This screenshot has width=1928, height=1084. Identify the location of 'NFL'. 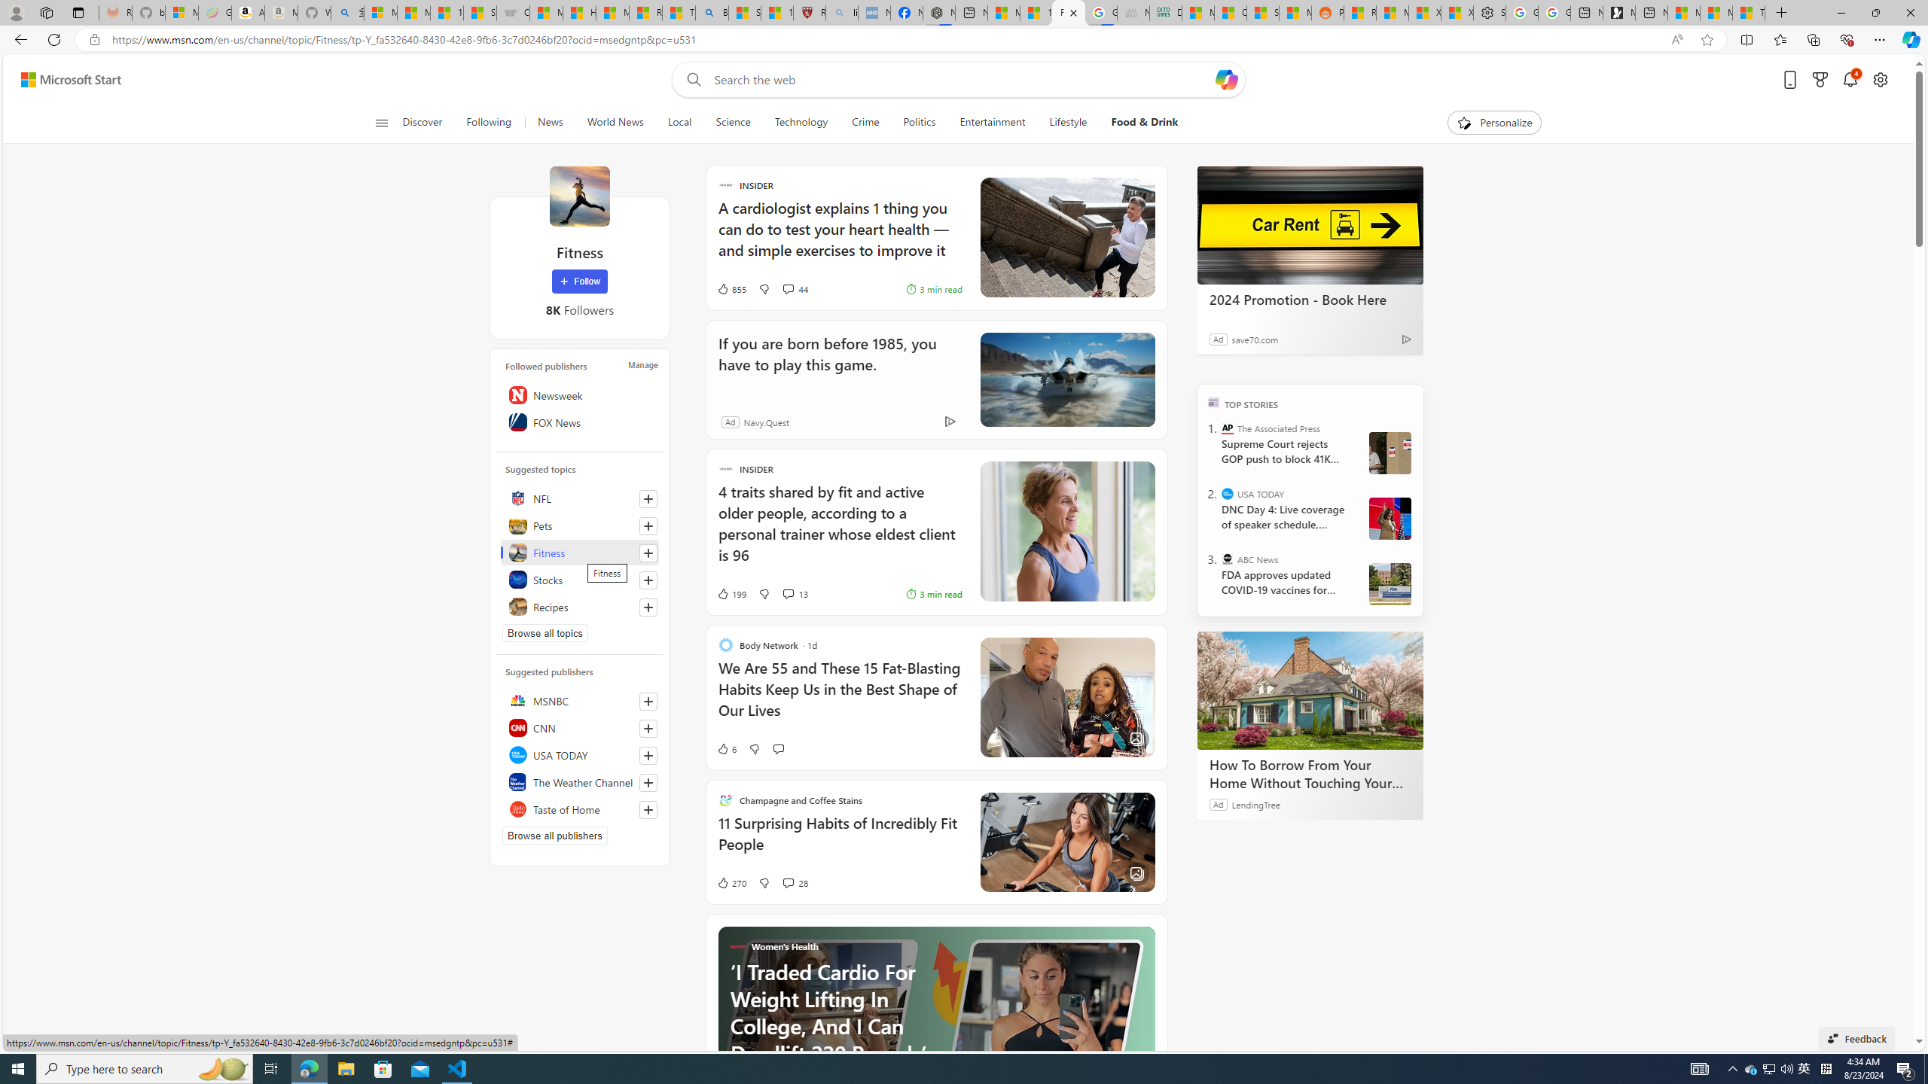
(580, 498).